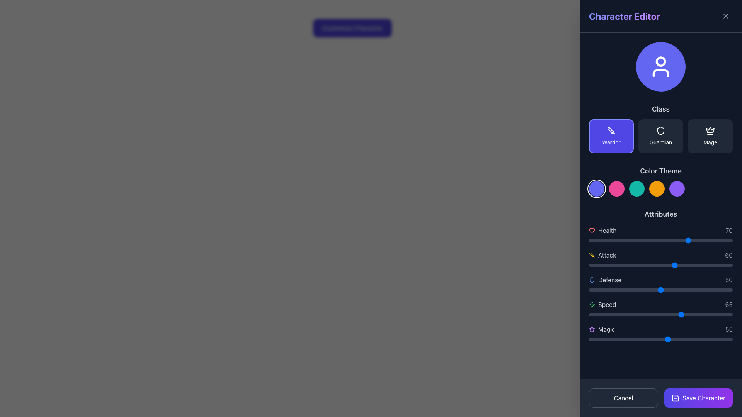 This screenshot has width=742, height=417. Describe the element at coordinates (725, 16) in the screenshot. I see `the close button represented by an 'X' icon in the top-right corner of the 'Character Editor' panel` at that location.